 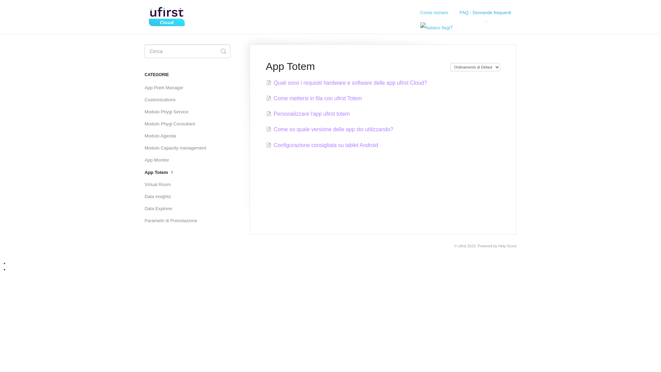 I want to click on 'Configurazione consigliata su tablet Android', so click(x=322, y=145).